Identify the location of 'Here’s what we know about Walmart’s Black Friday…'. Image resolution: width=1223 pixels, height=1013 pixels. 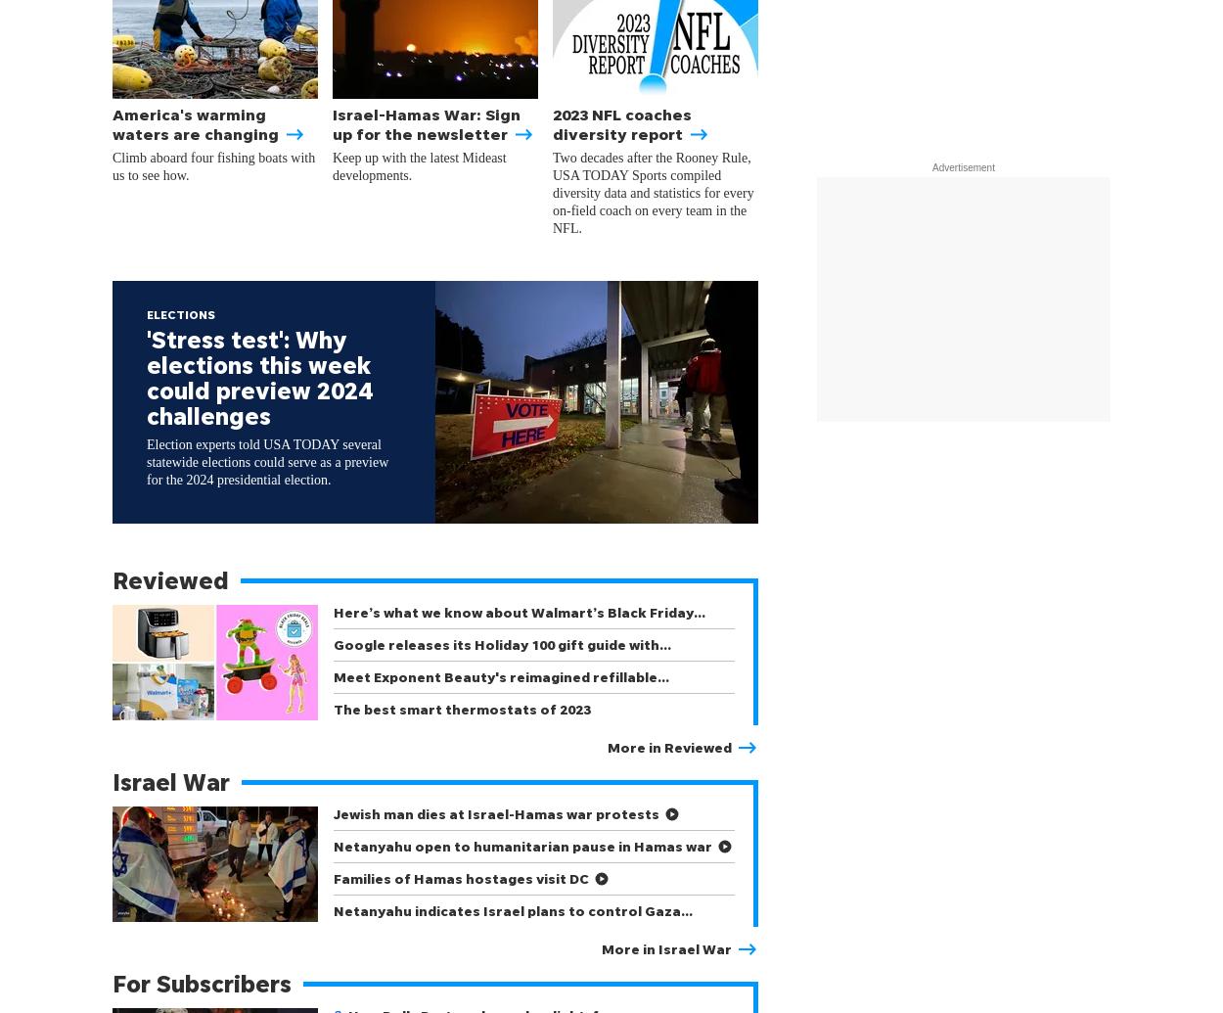
(520, 611).